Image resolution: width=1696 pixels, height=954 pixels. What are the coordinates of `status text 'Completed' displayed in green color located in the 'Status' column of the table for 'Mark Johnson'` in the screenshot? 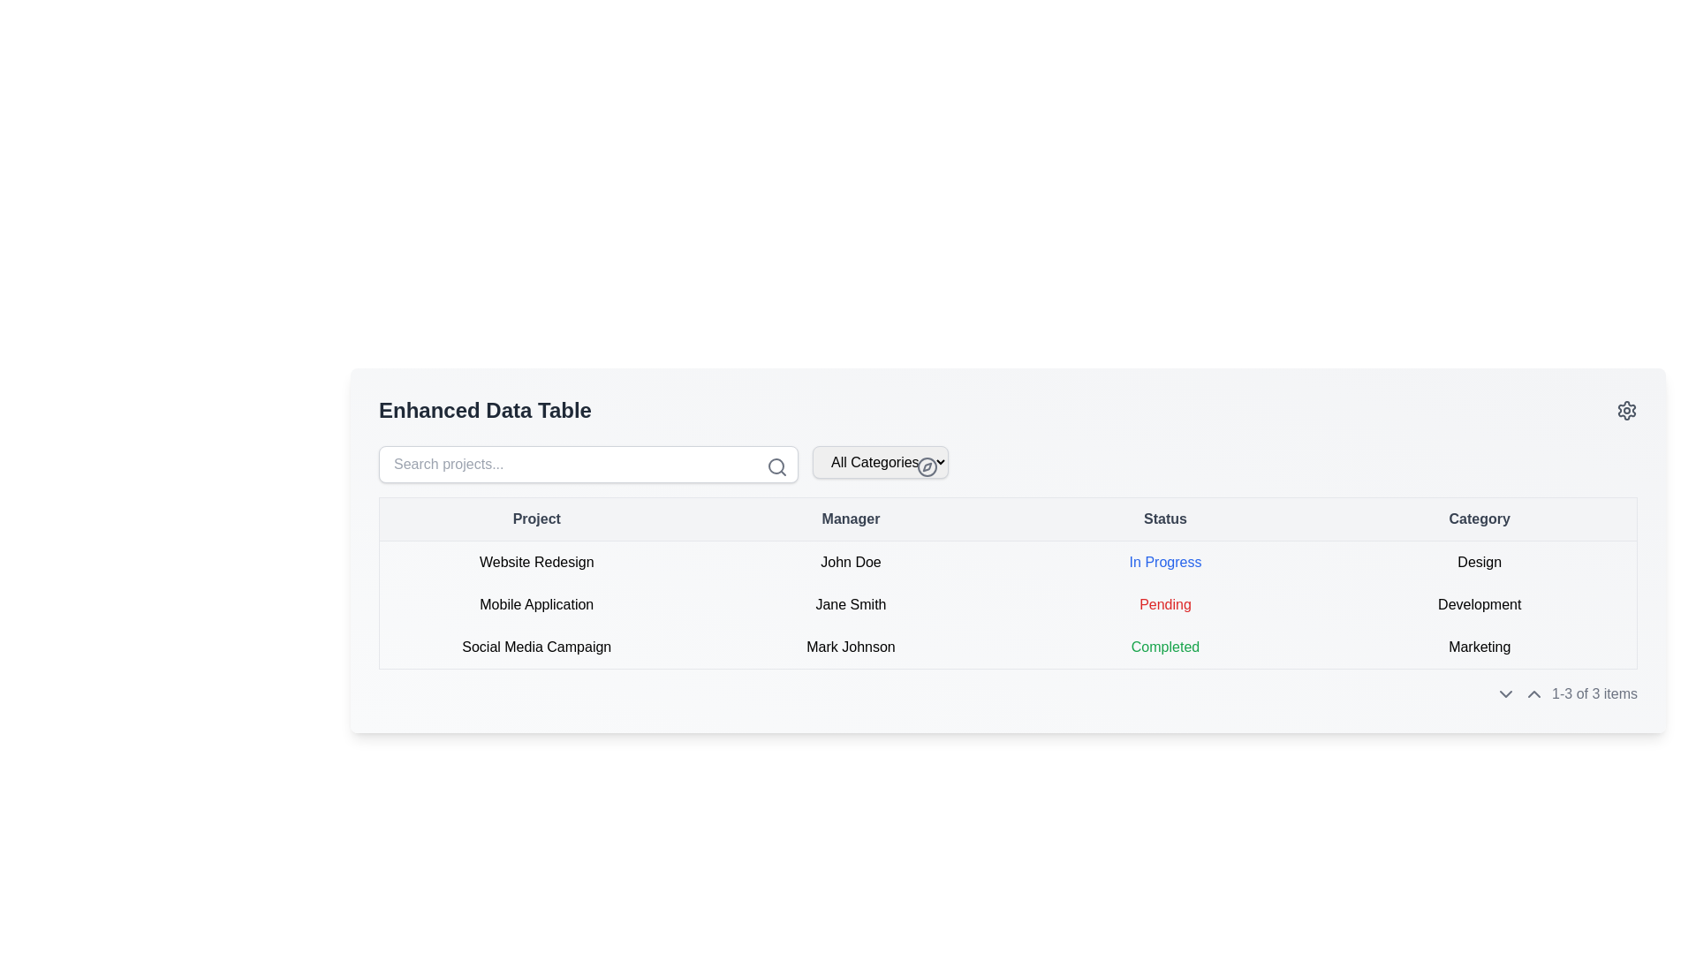 It's located at (1165, 647).